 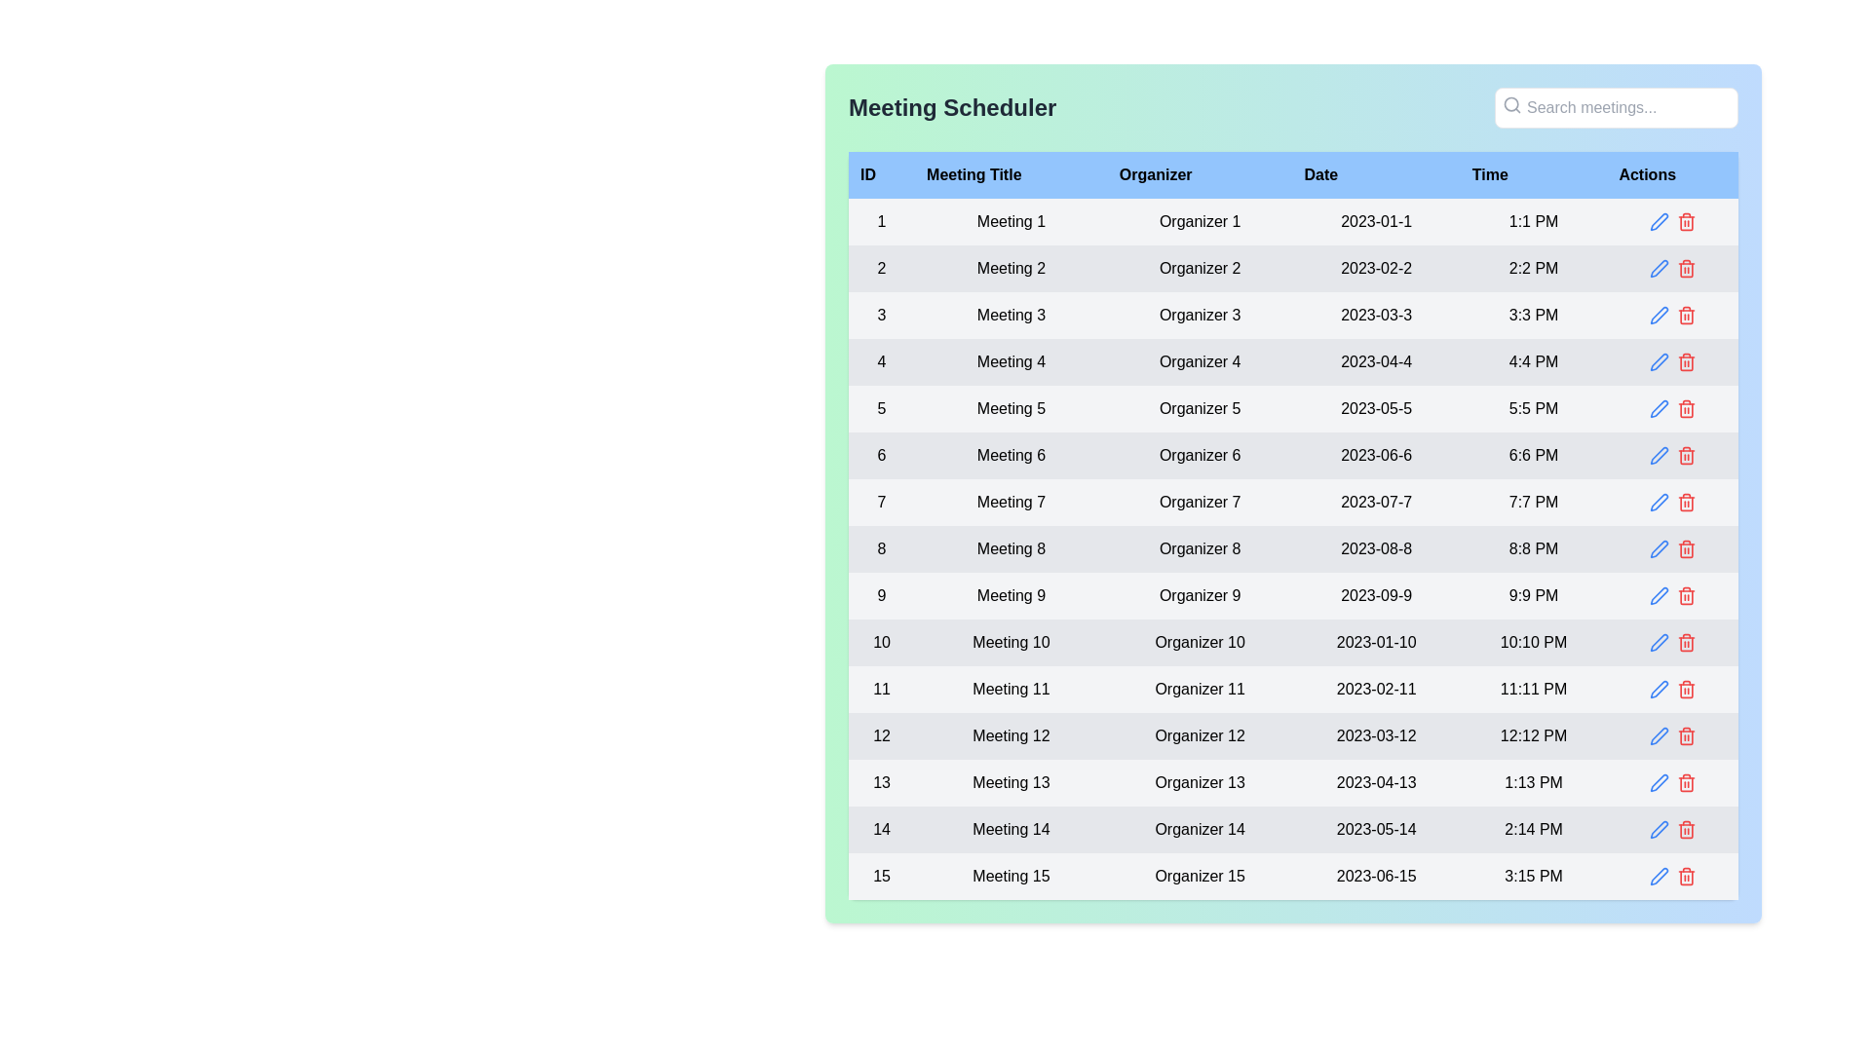 What do you see at coordinates (1658, 830) in the screenshot?
I see `the blue pen icon in the 'Actions' column for the meeting scheduled on 2023-05-14 at 2:14 PM to observe the hover effect` at bounding box center [1658, 830].